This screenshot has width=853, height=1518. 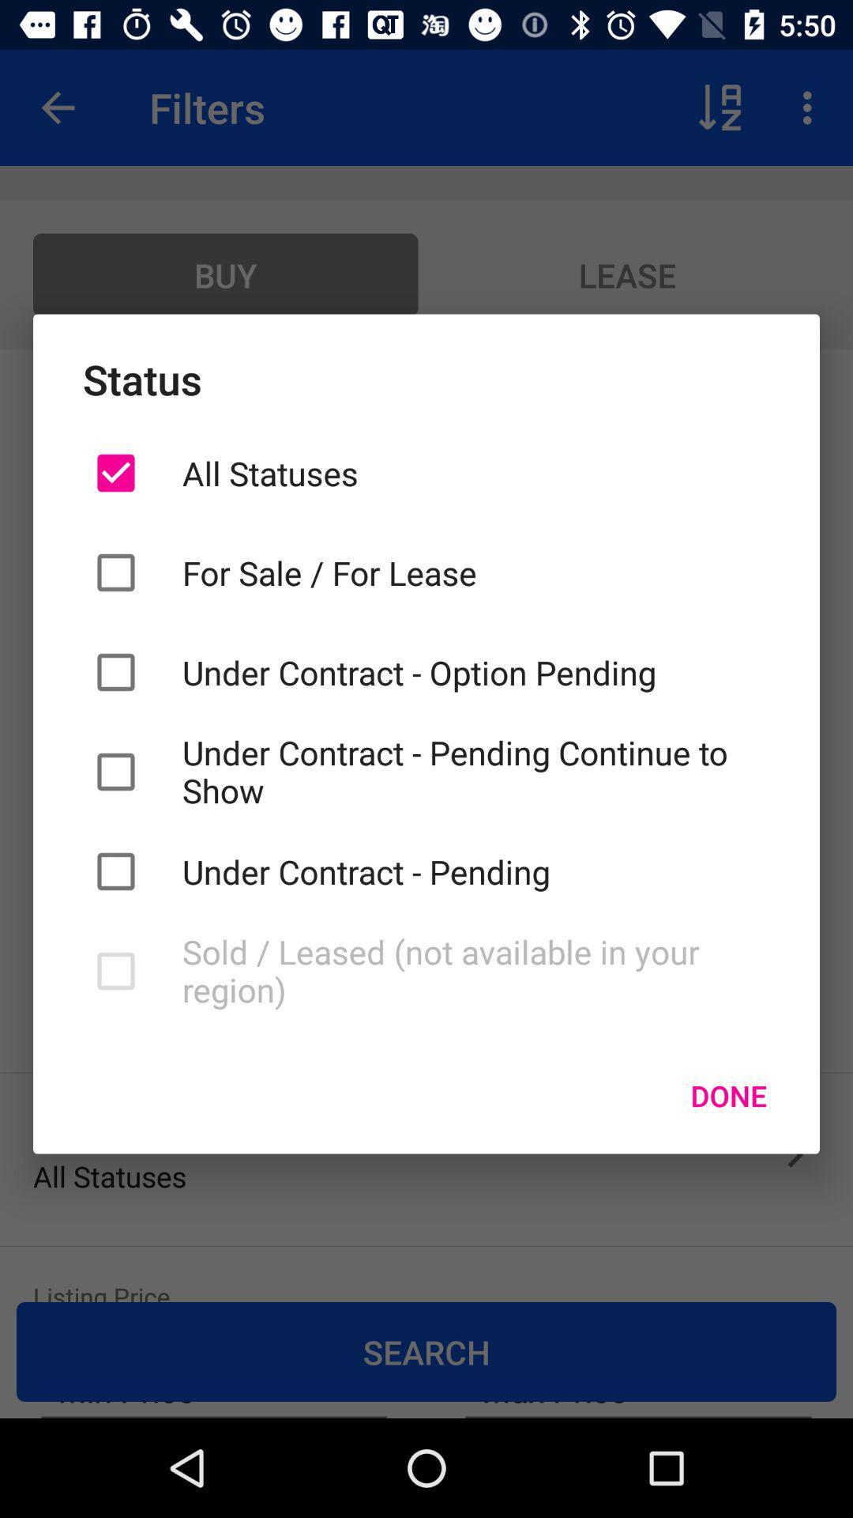 I want to click on item below the all statuses item, so click(x=475, y=572).